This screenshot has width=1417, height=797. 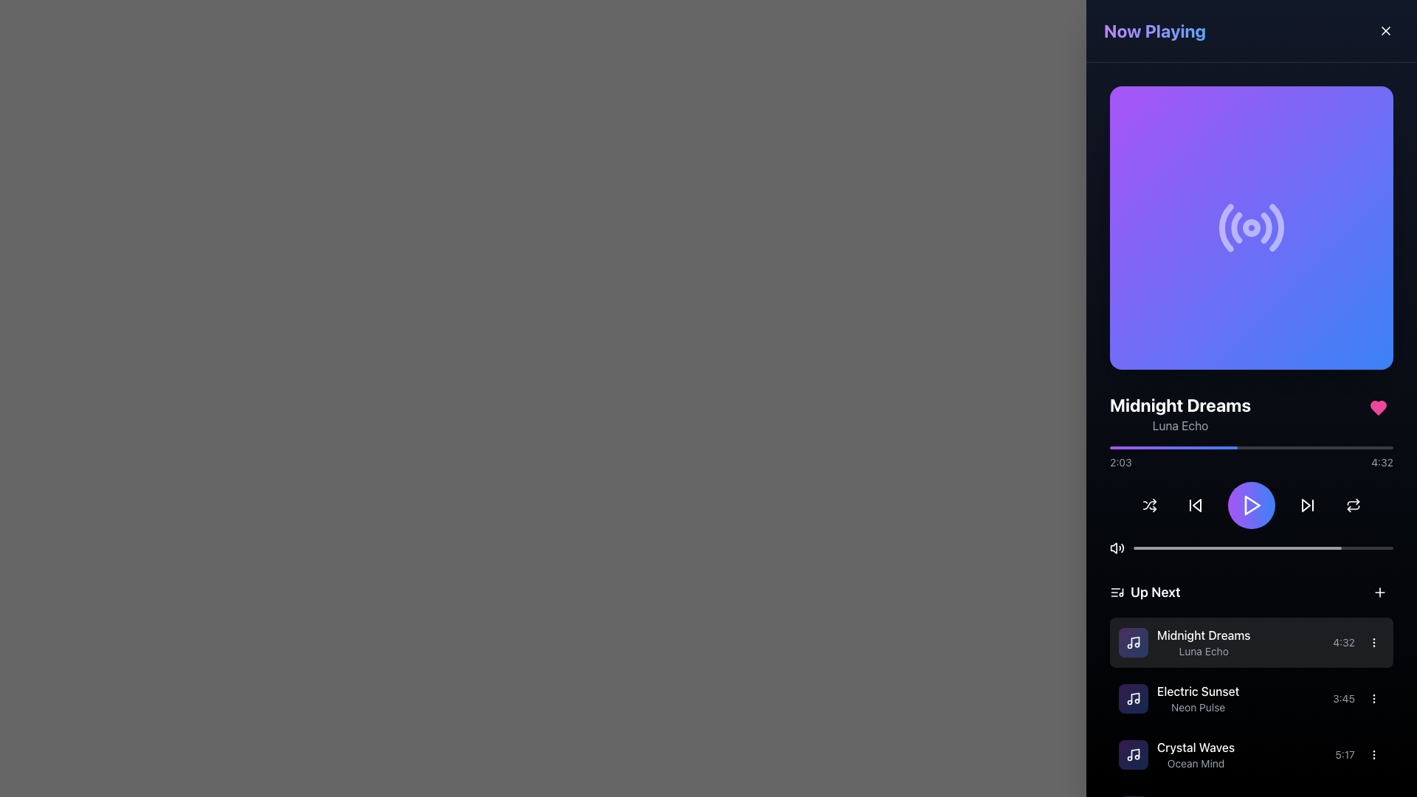 I want to click on the skip-backward icon located within the Now Playing section, so click(x=1197, y=505).